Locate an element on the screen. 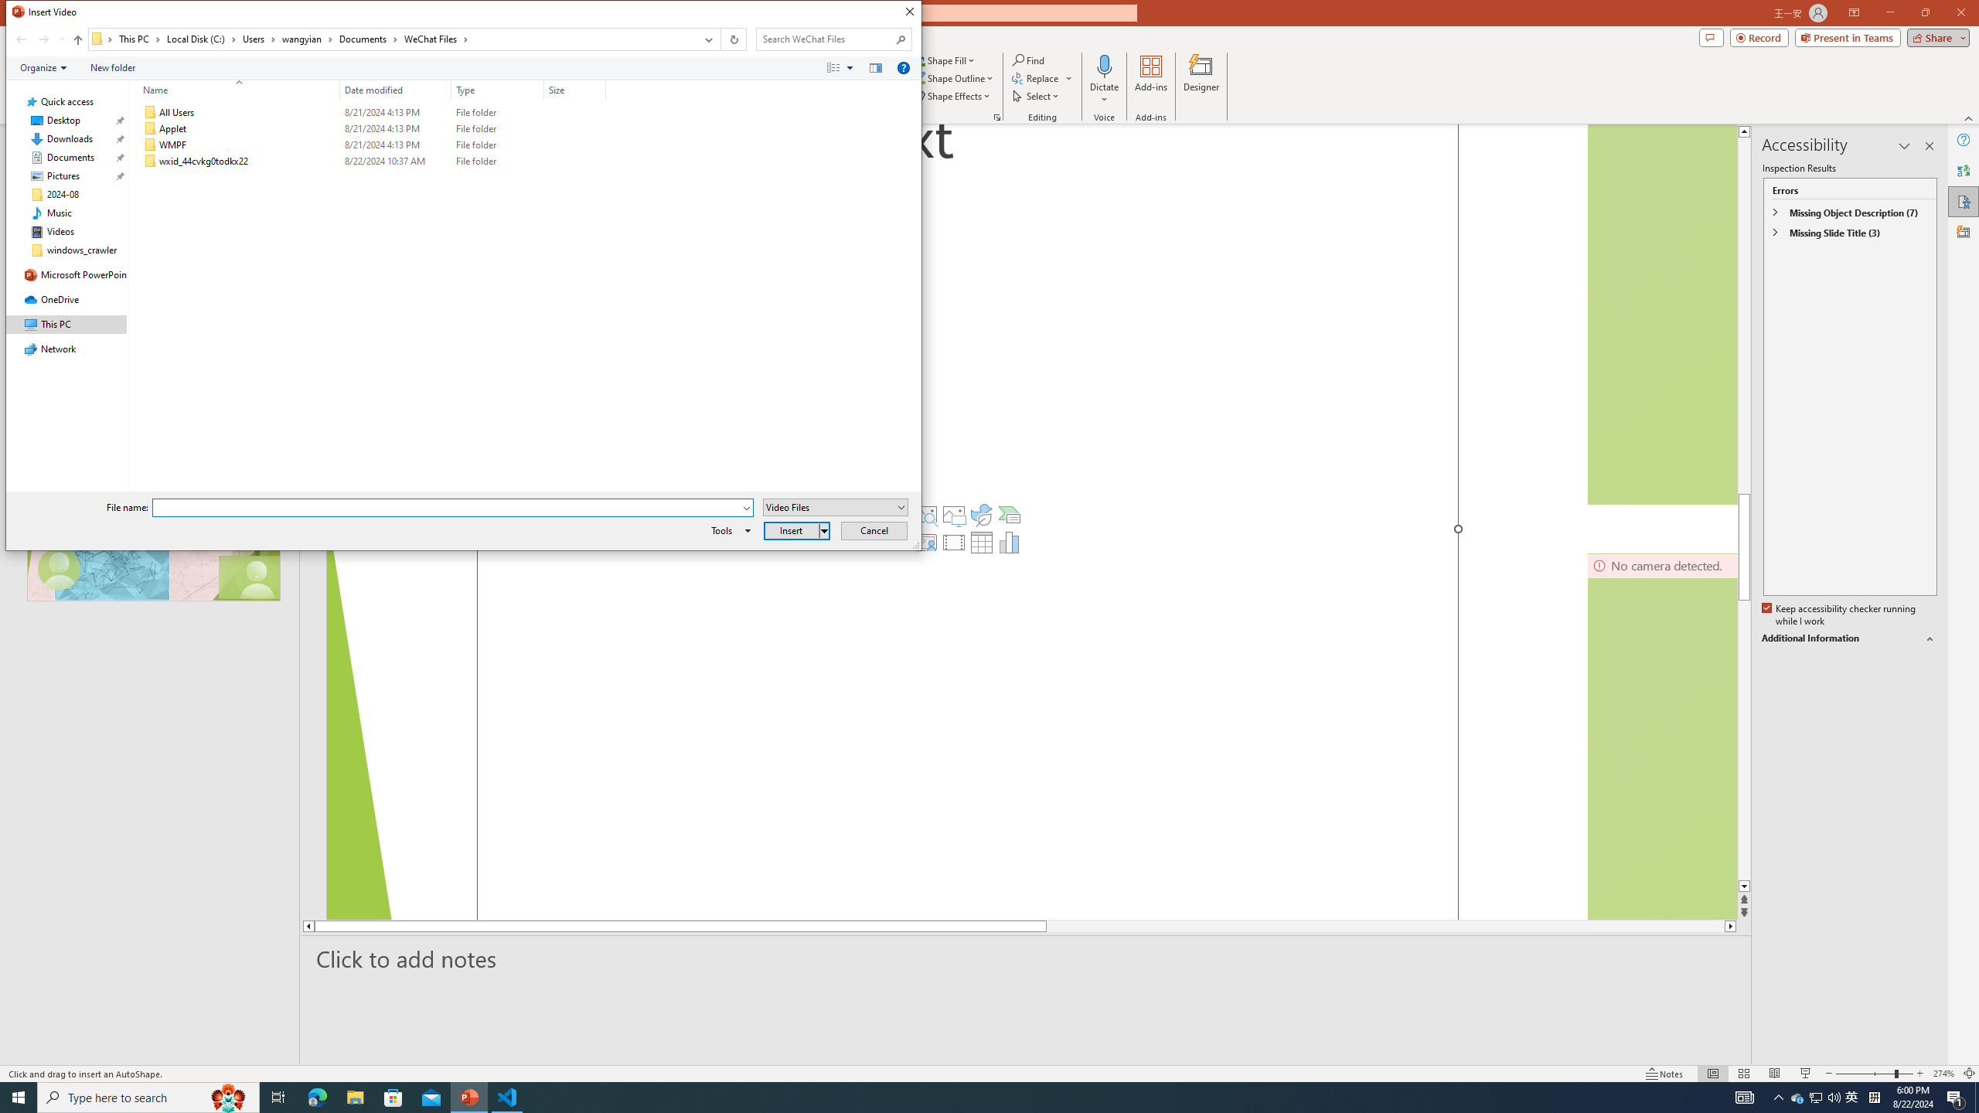 The width and height of the screenshot is (1979, 1113). 'File name:' is located at coordinates (453, 507).